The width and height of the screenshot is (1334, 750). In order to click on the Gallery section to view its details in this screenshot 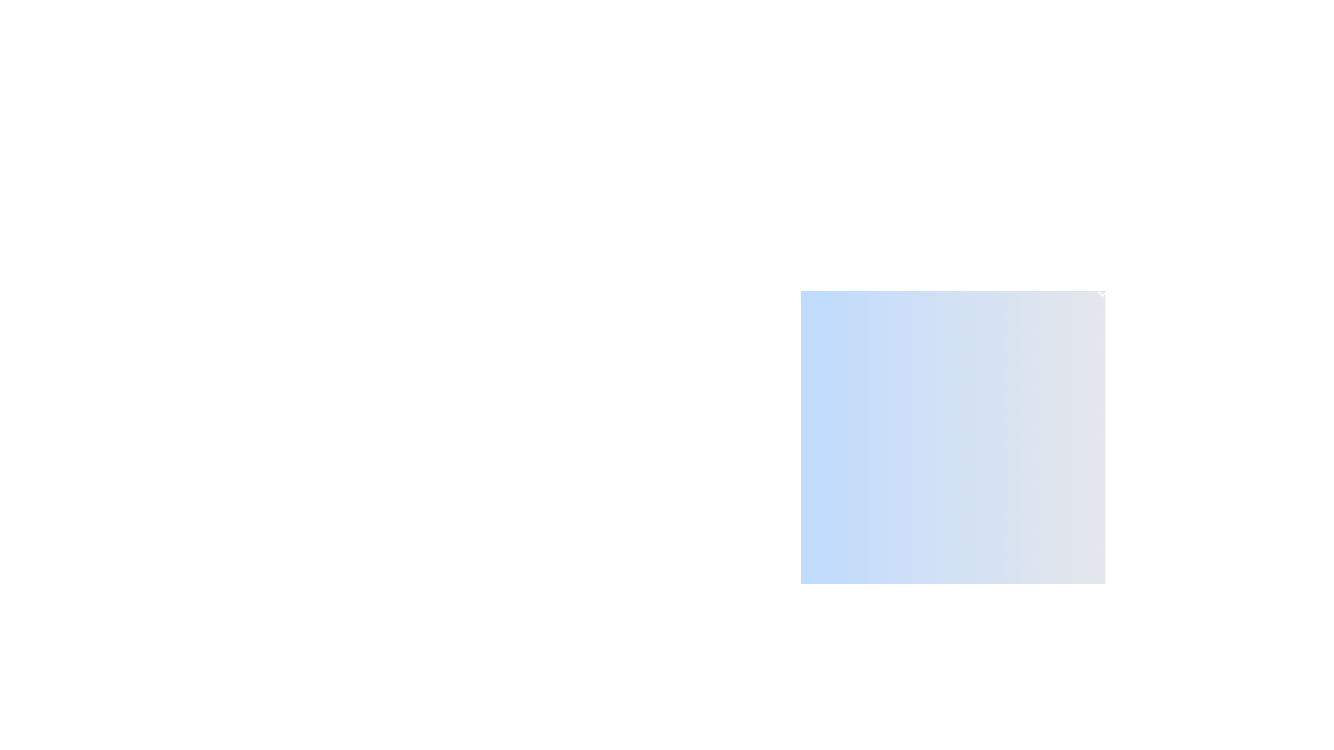, I will do `click(953, 725)`.